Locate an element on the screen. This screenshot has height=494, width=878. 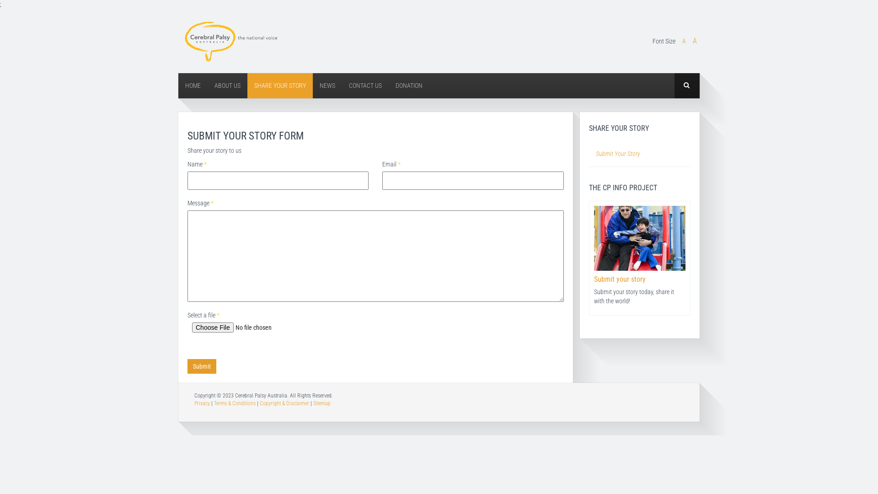
'Copyright & Disclaimer' is located at coordinates (284, 403).